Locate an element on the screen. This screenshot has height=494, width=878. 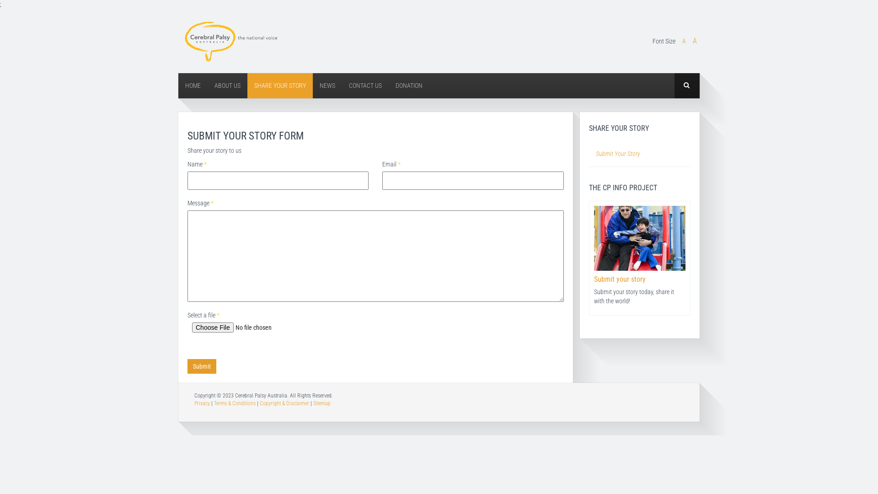
'Copyright & Disclaimer' is located at coordinates (284, 403).